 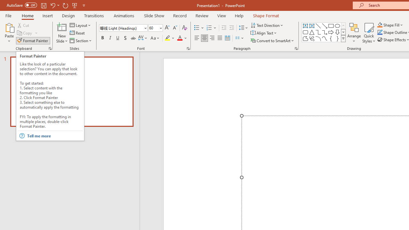 What do you see at coordinates (22, 5) in the screenshot?
I see `'AutoSave'` at bounding box center [22, 5].